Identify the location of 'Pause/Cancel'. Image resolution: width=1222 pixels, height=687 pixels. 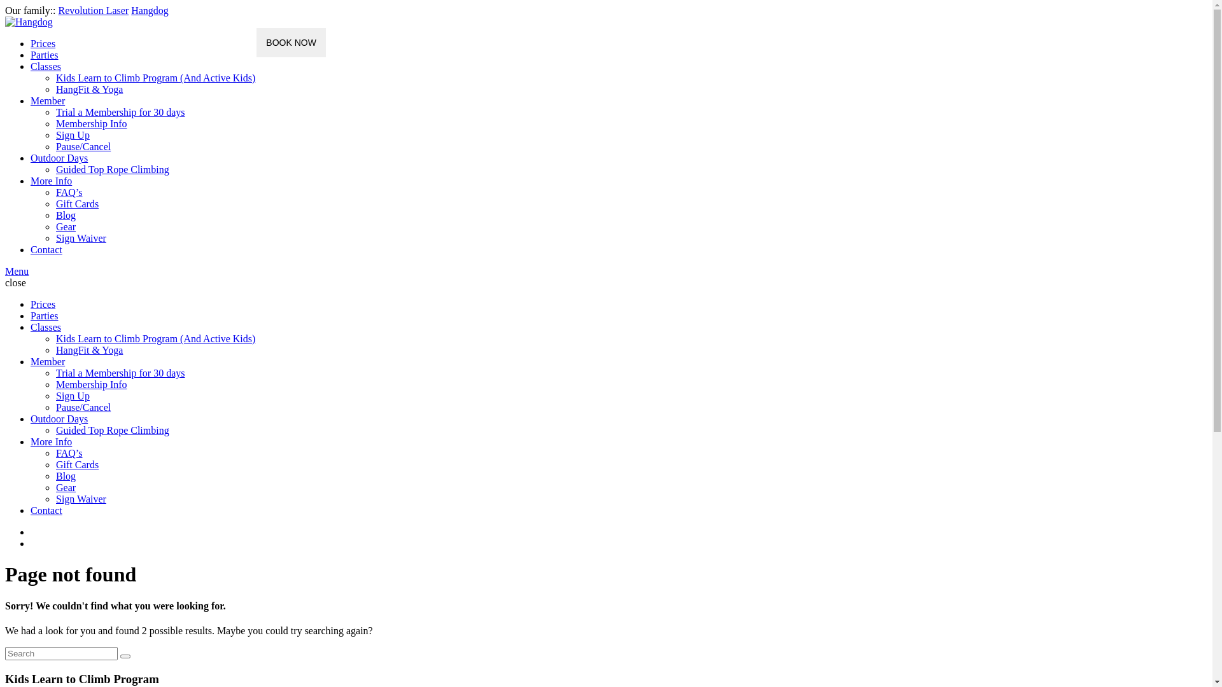
(82, 146).